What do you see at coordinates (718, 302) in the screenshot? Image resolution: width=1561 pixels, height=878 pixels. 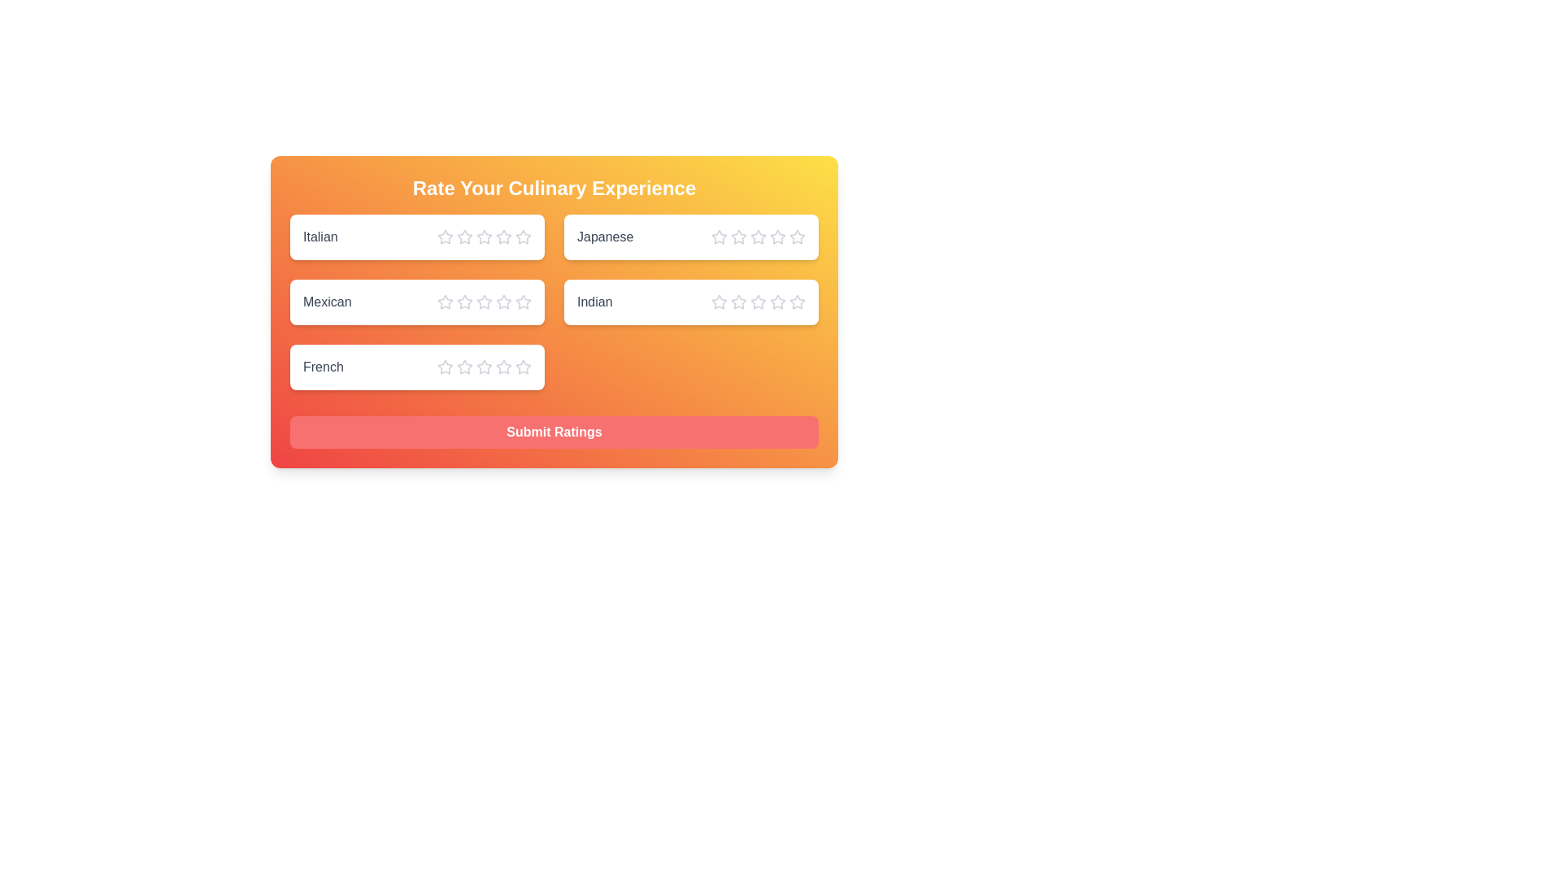 I see `the star corresponding to the rating 1 for the cuisine Indian` at bounding box center [718, 302].